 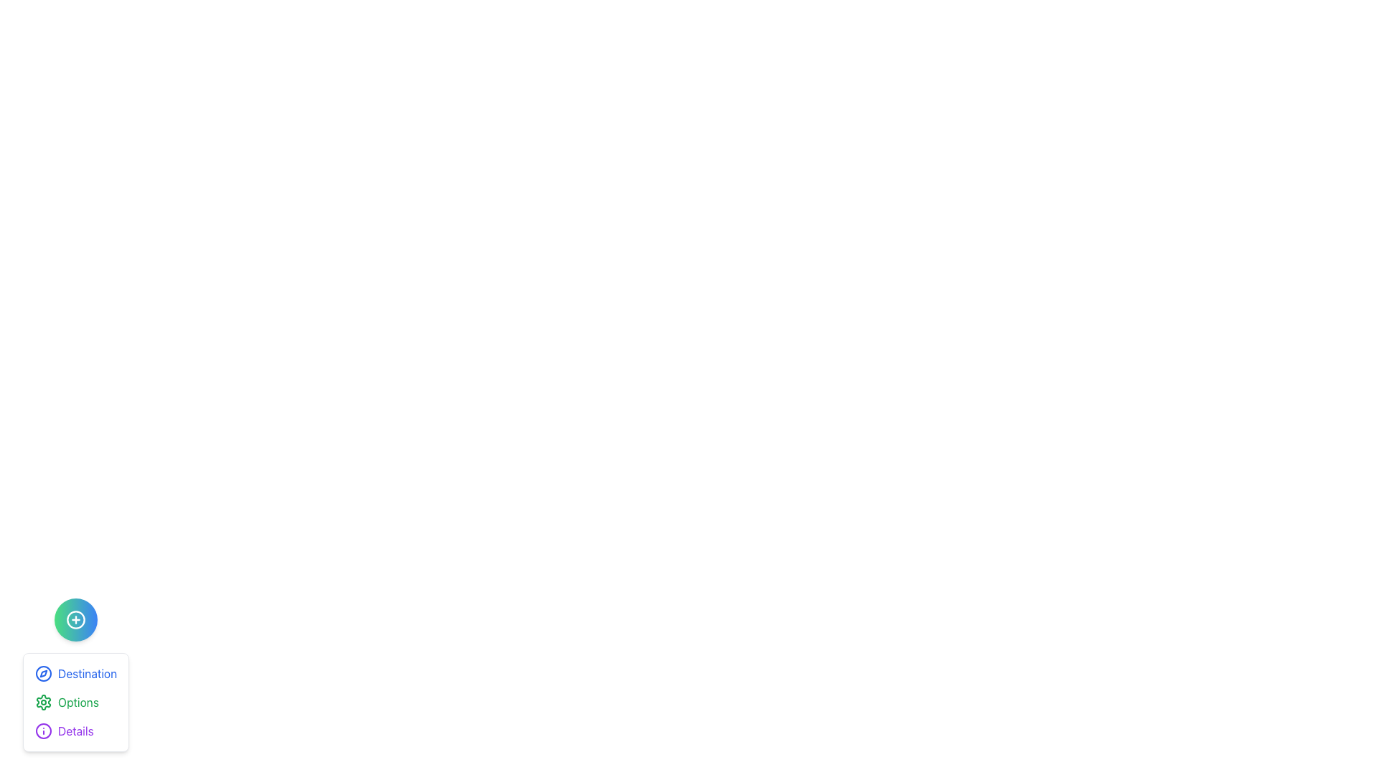 I want to click on the 'Details' button, which is a clickable text in purple color located at the bottom of a vertical list of options, so click(x=63, y=731).